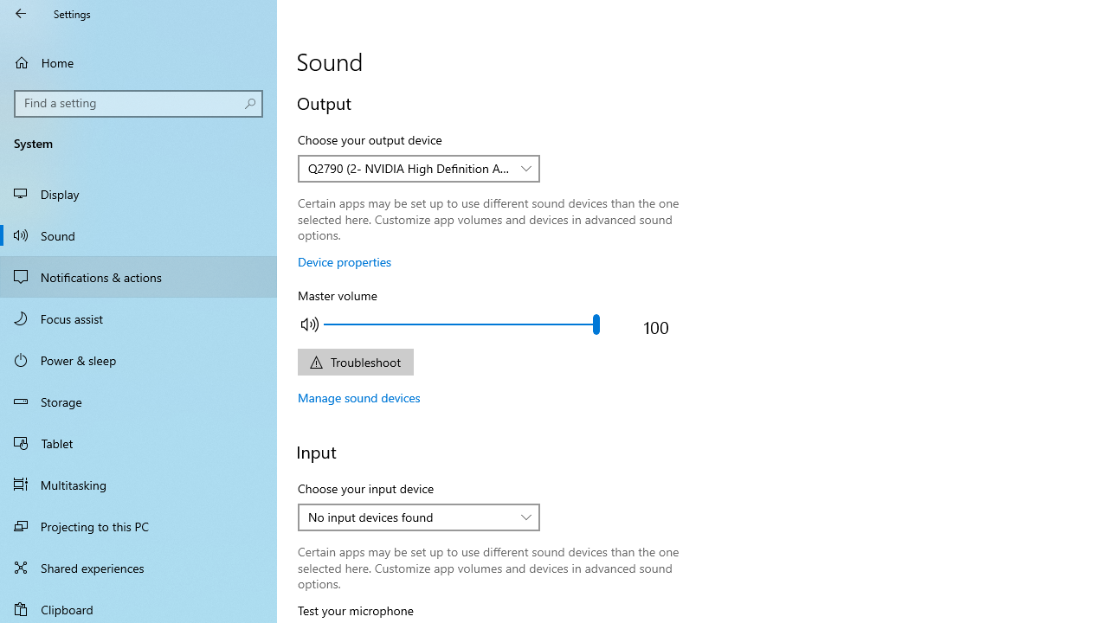  I want to click on 'Storage', so click(138, 401).